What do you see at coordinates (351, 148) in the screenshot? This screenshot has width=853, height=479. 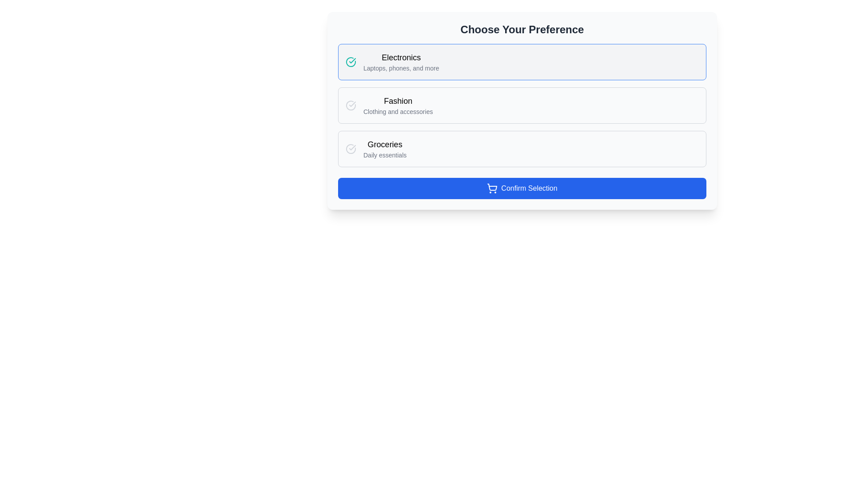 I see `the visual indicator for the 'Groceries' option in the 'Choose Your Preference' menu, which is located towards the right side of the rectangle dedicated to 'Groceries'` at bounding box center [351, 148].